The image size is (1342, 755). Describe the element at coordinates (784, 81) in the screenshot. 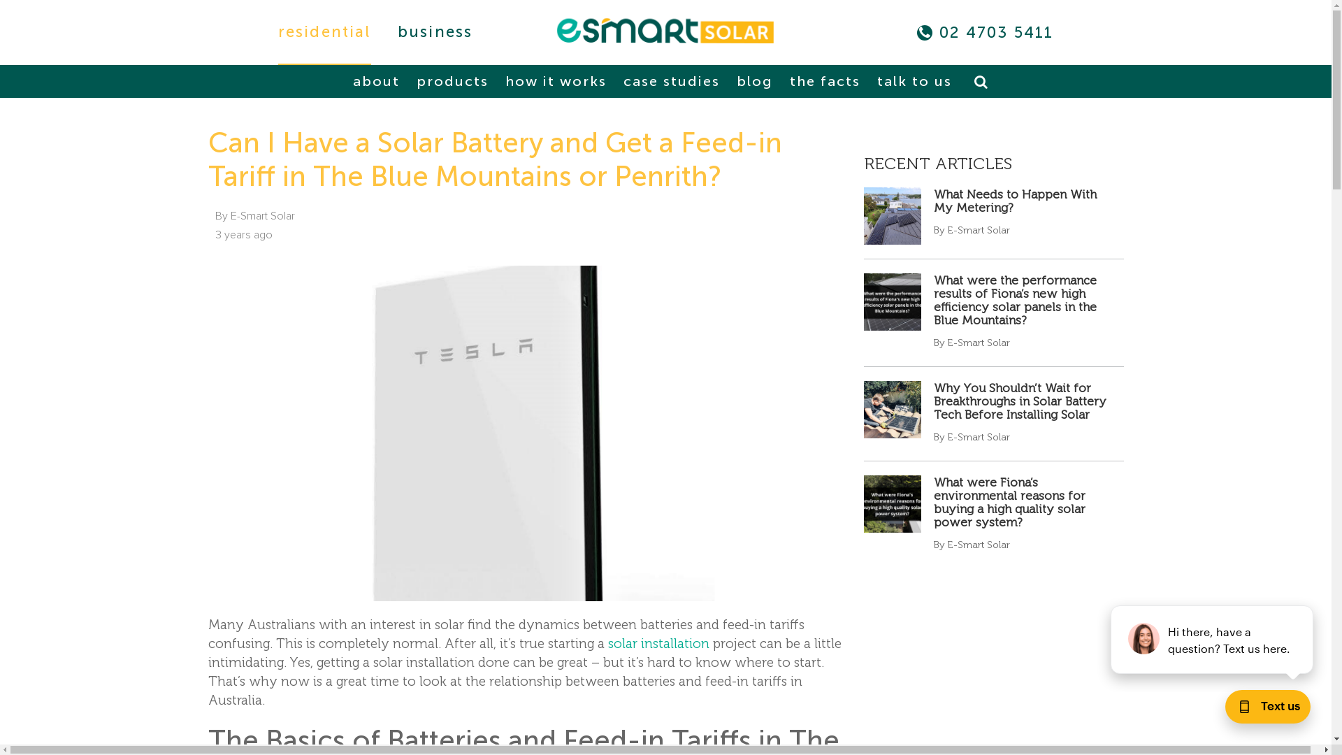

I see `'the facts'` at that location.